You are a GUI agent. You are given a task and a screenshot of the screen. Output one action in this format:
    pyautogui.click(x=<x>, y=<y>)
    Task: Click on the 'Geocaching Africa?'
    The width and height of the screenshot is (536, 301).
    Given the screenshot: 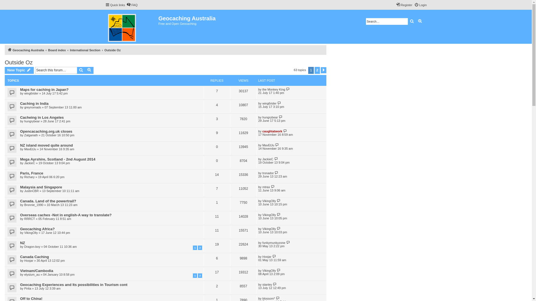 What is the action you would take?
    pyautogui.click(x=37, y=229)
    